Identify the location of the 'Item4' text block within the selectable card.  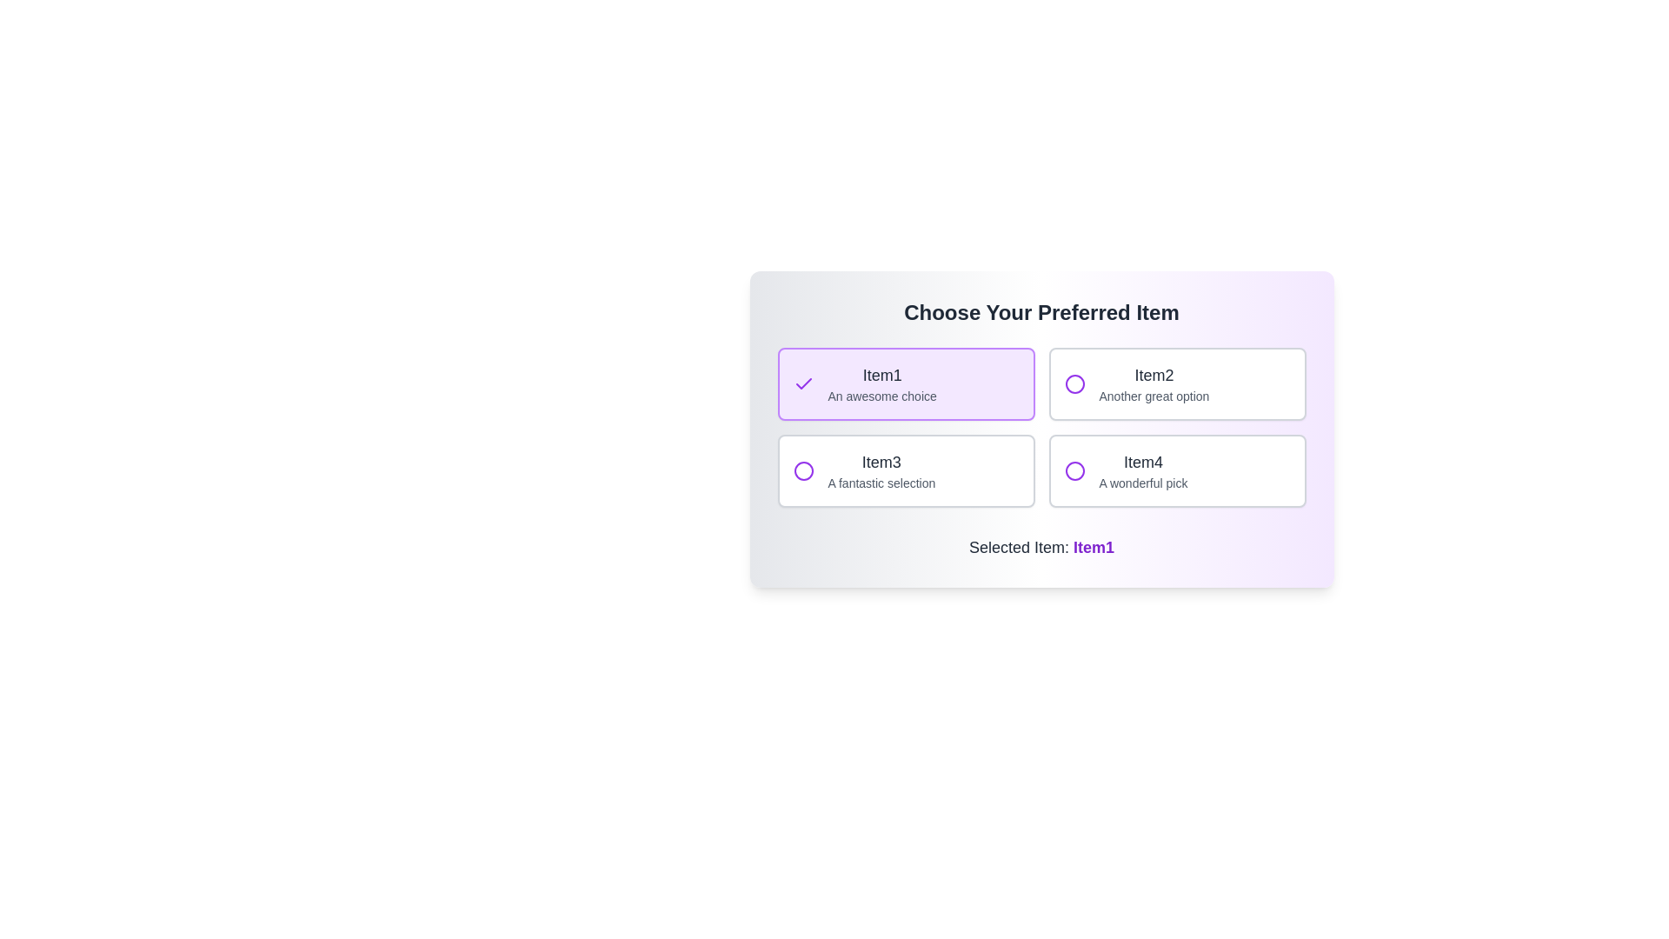
(1143, 471).